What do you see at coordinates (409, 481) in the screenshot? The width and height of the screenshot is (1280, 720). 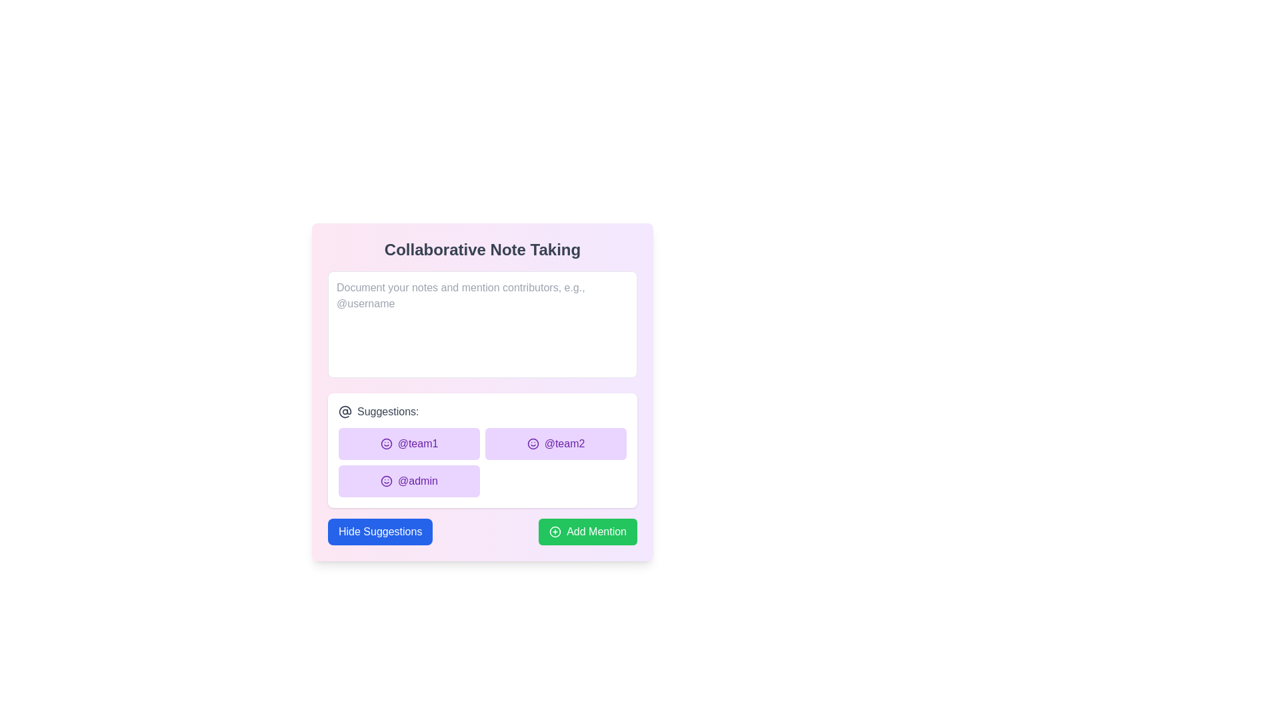 I see `the button in the bottom row of the grid layout, in the left column` at bounding box center [409, 481].